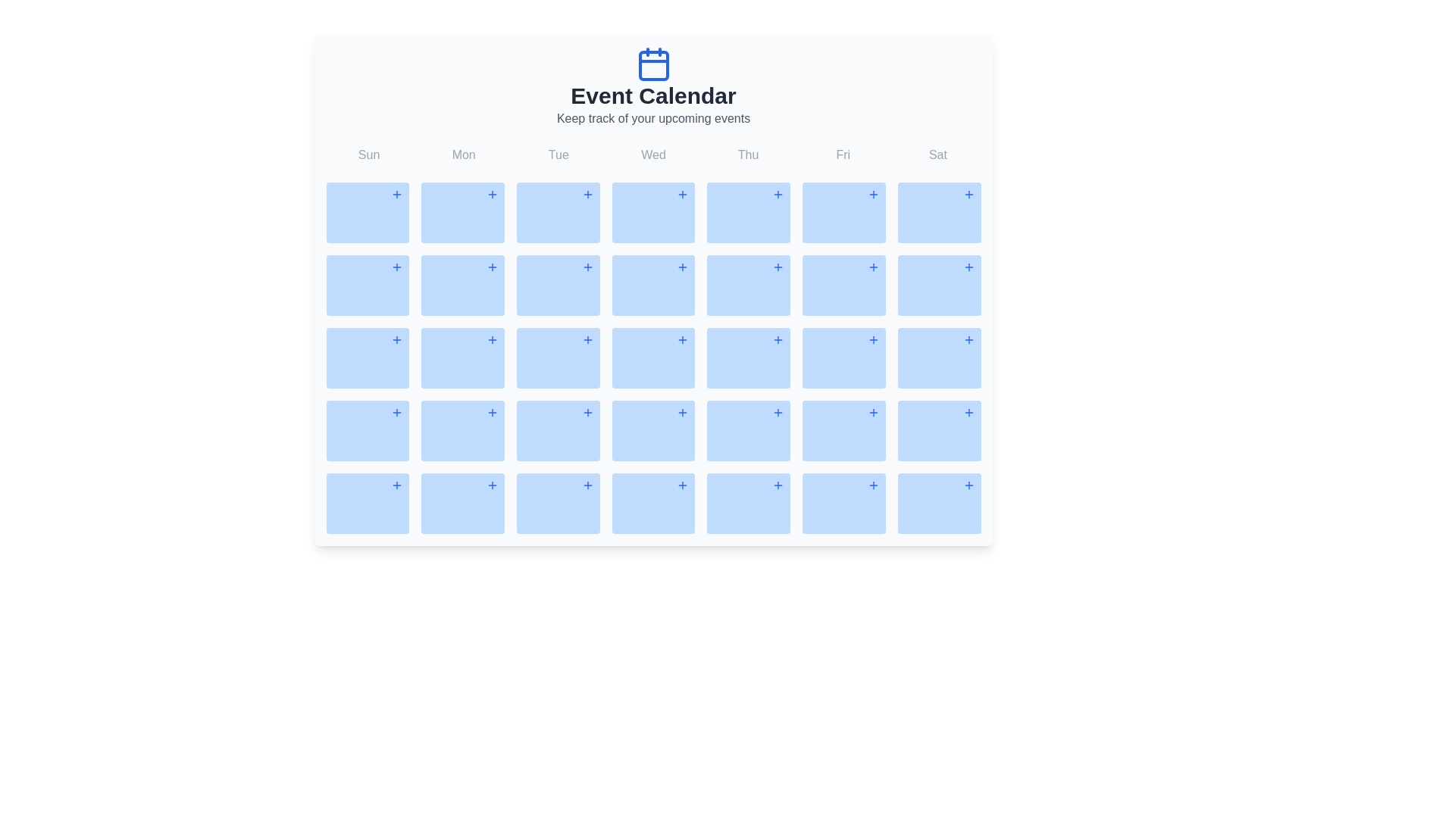 The height and width of the screenshot is (818, 1455). What do you see at coordinates (557, 431) in the screenshot?
I see `the Card element located in the third item of the fifth row, which contains an interactive button for scheduling new events` at bounding box center [557, 431].